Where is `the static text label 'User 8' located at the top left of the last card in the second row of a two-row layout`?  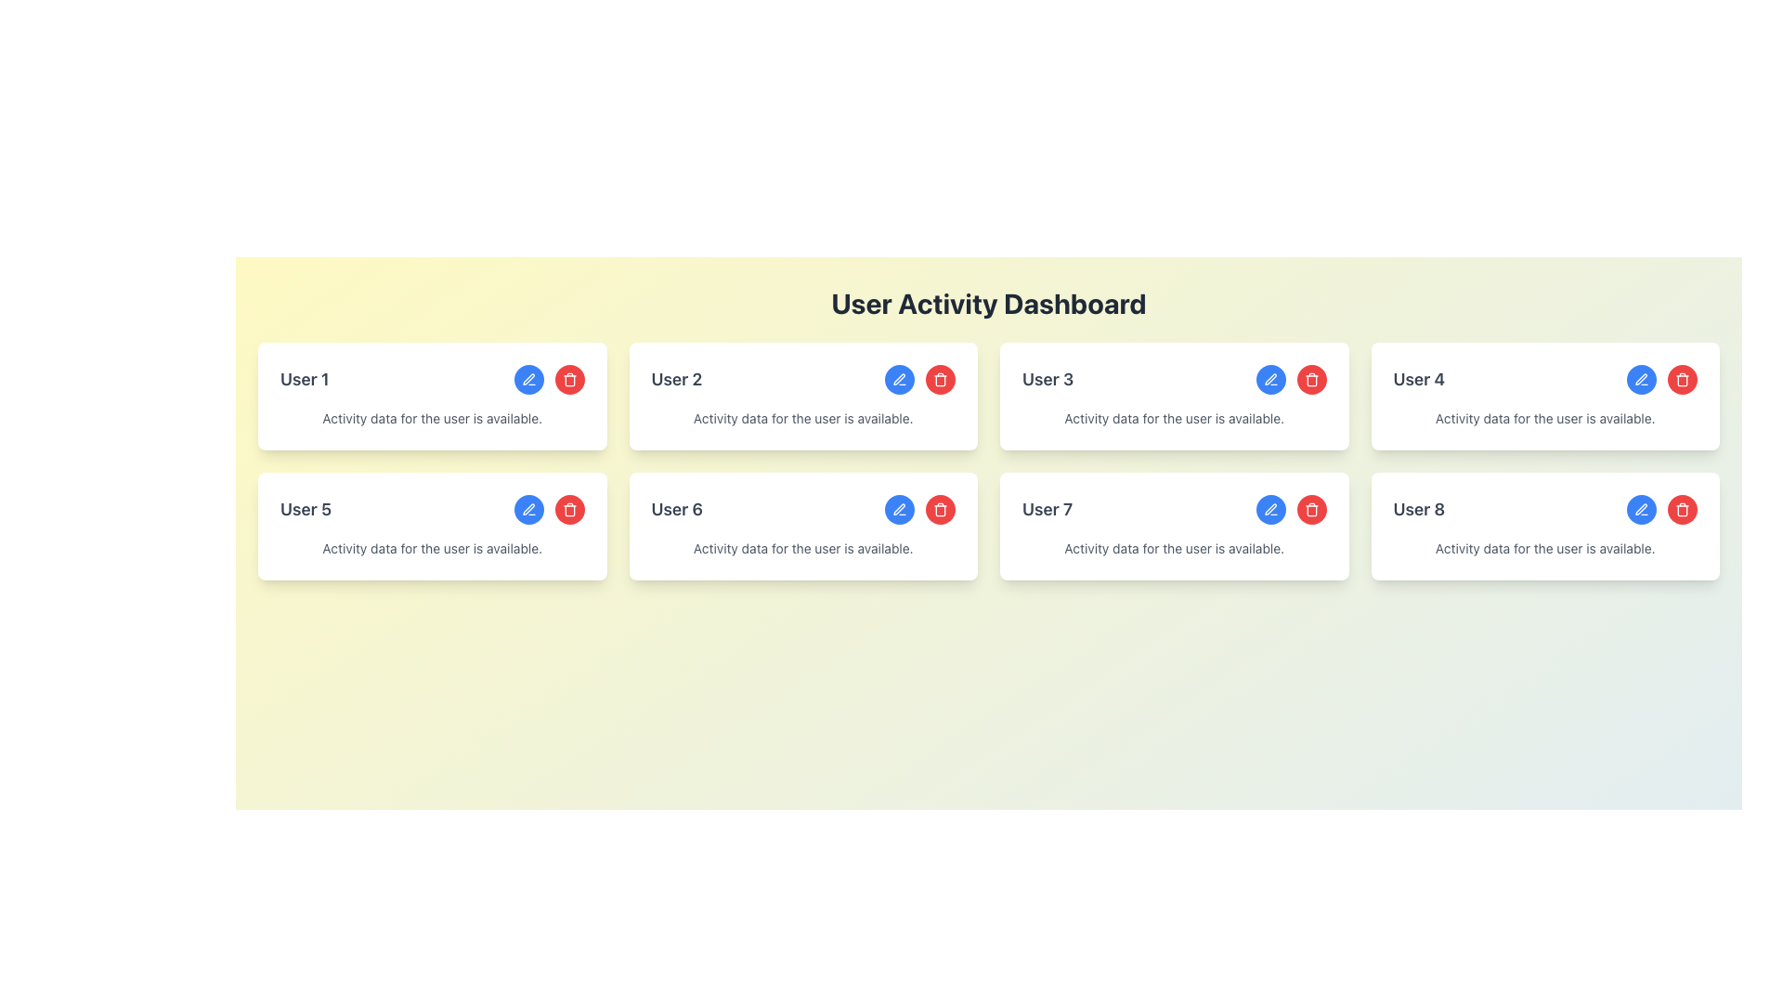
the static text label 'User 8' located at the top left of the last card in the second row of a two-row layout is located at coordinates (1418, 509).